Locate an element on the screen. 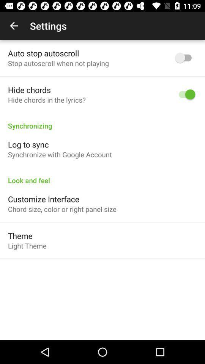  the chord size color item is located at coordinates (61, 209).